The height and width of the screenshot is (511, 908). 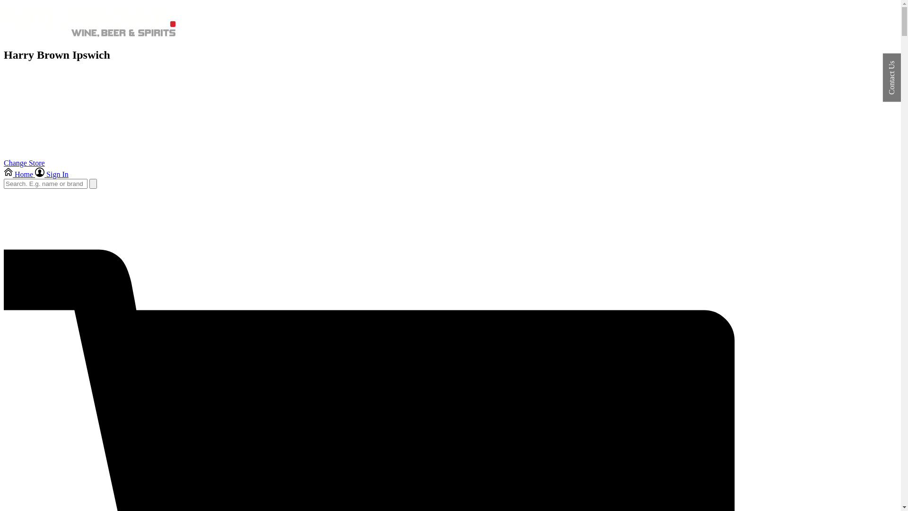 What do you see at coordinates (19, 174) in the screenshot?
I see `'Home'` at bounding box center [19, 174].